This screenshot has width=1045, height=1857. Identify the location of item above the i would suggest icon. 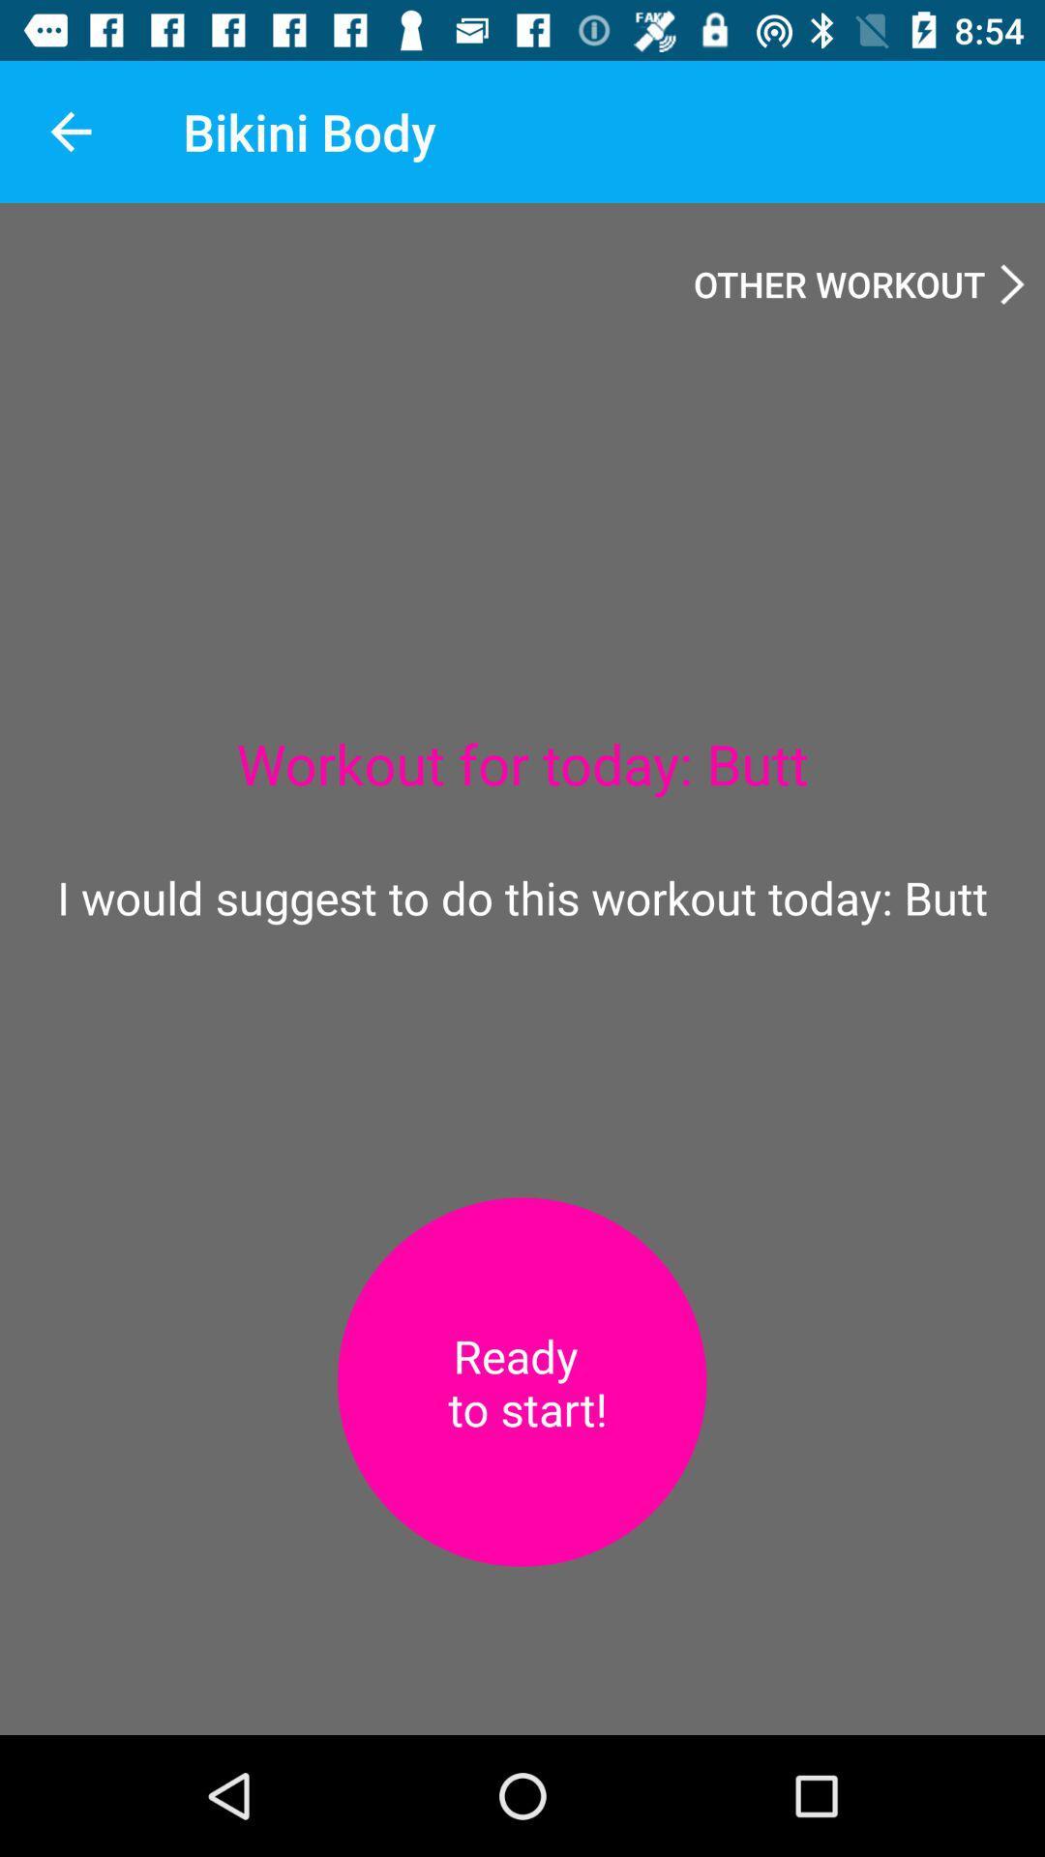
(70, 131).